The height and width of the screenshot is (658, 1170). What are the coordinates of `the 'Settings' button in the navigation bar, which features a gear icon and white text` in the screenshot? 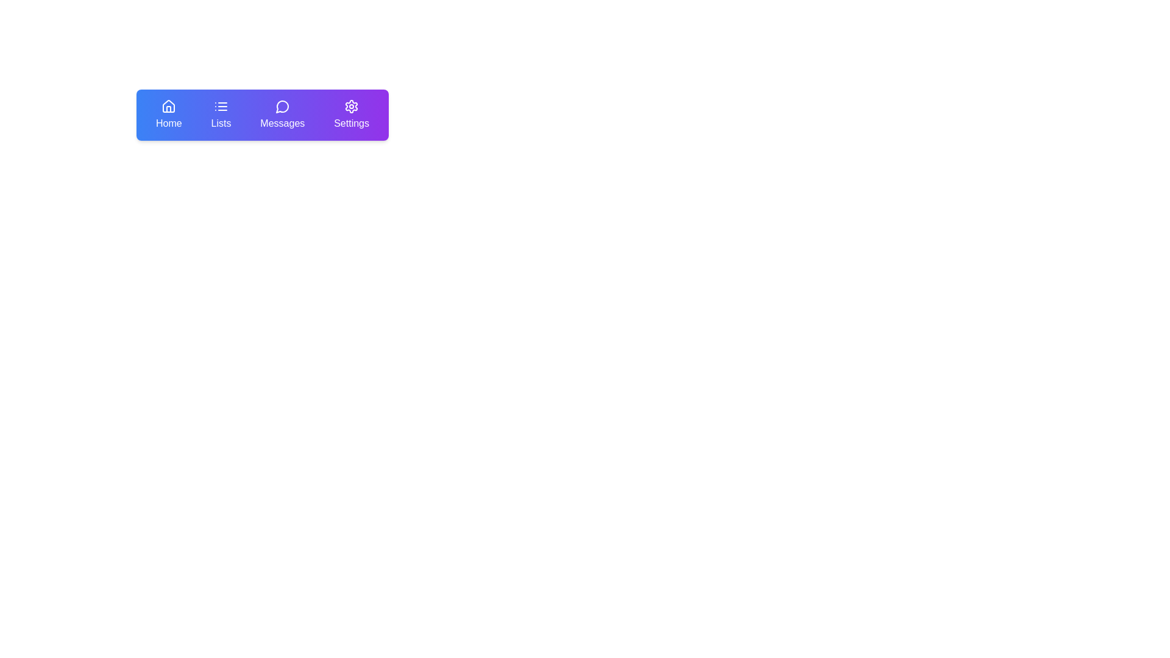 It's located at (350, 115).